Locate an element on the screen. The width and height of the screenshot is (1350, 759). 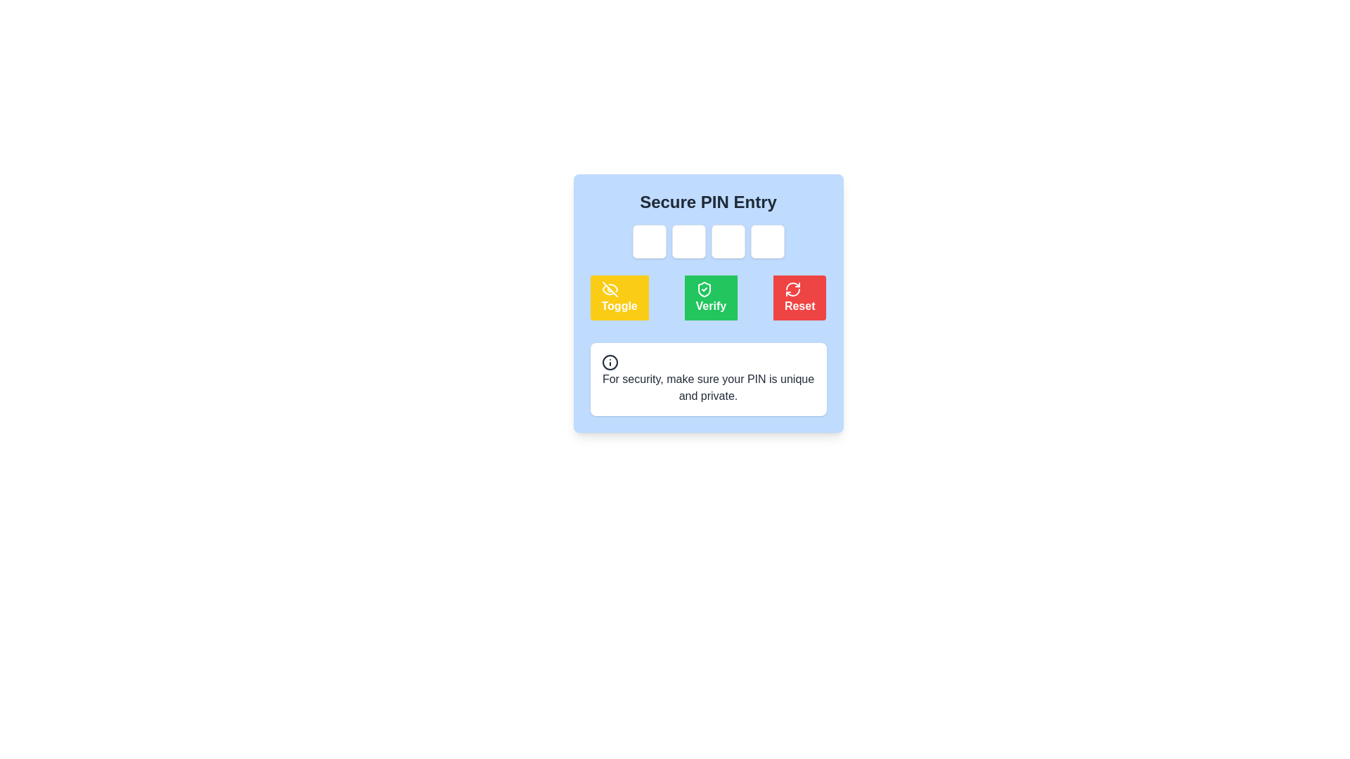
the first password input box used for secure PIN entry to focus on it is located at coordinates (648, 240).